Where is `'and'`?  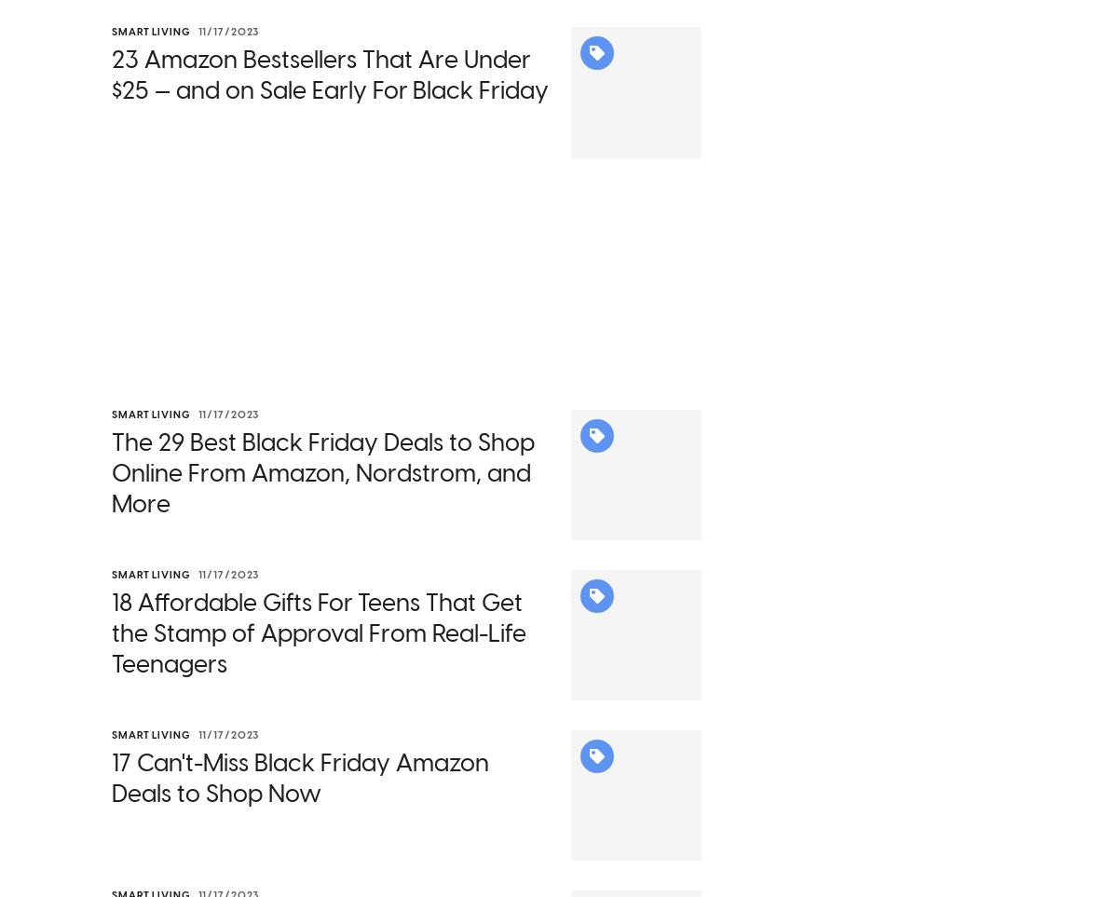 'and' is located at coordinates (611, 147).